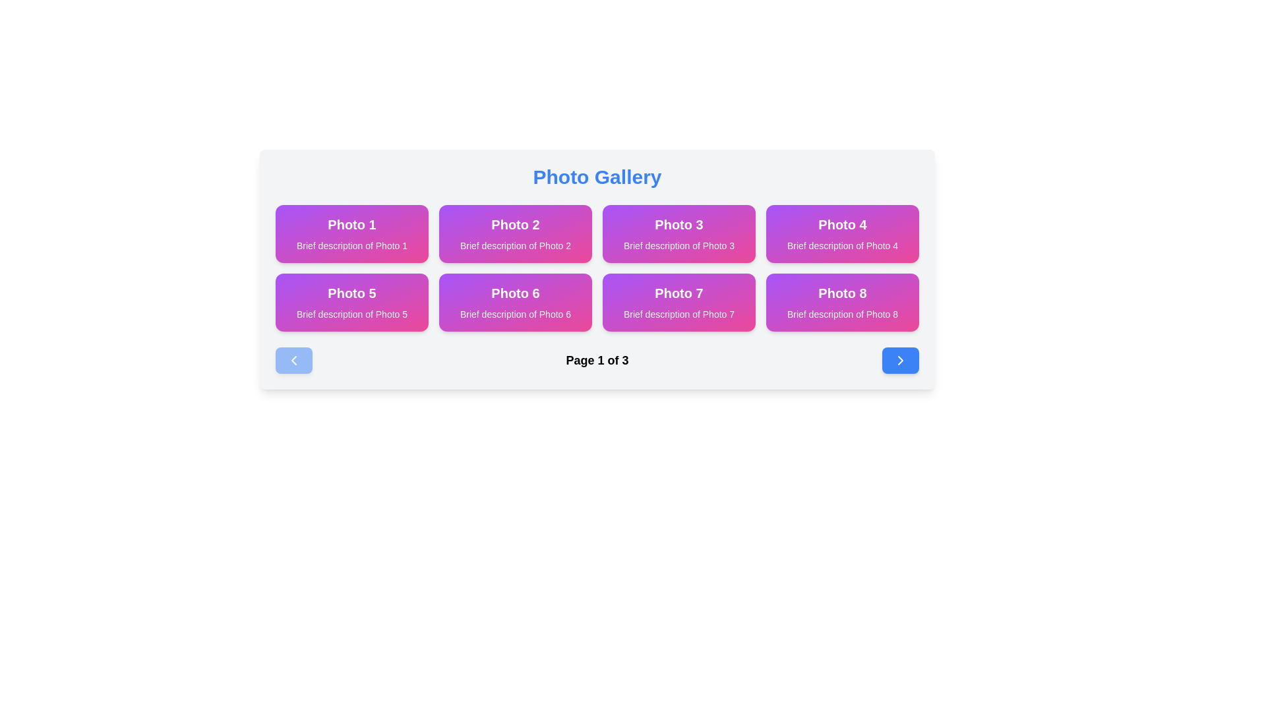  What do you see at coordinates (597, 361) in the screenshot?
I see `pagination indicator text label displaying the current page number and total number of pages, which is centrally located below the grid of photos` at bounding box center [597, 361].